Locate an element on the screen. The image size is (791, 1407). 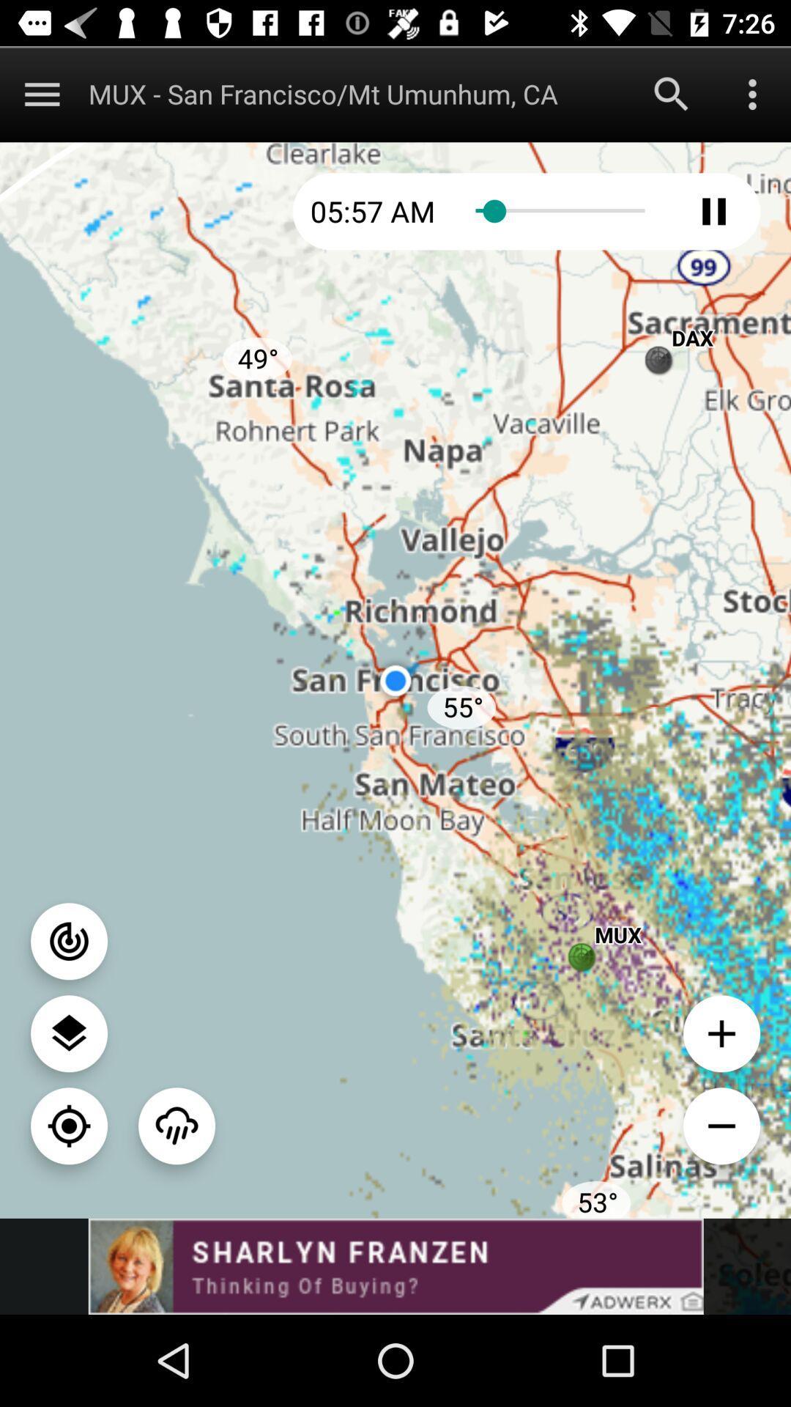
connect the location is located at coordinates (69, 941).